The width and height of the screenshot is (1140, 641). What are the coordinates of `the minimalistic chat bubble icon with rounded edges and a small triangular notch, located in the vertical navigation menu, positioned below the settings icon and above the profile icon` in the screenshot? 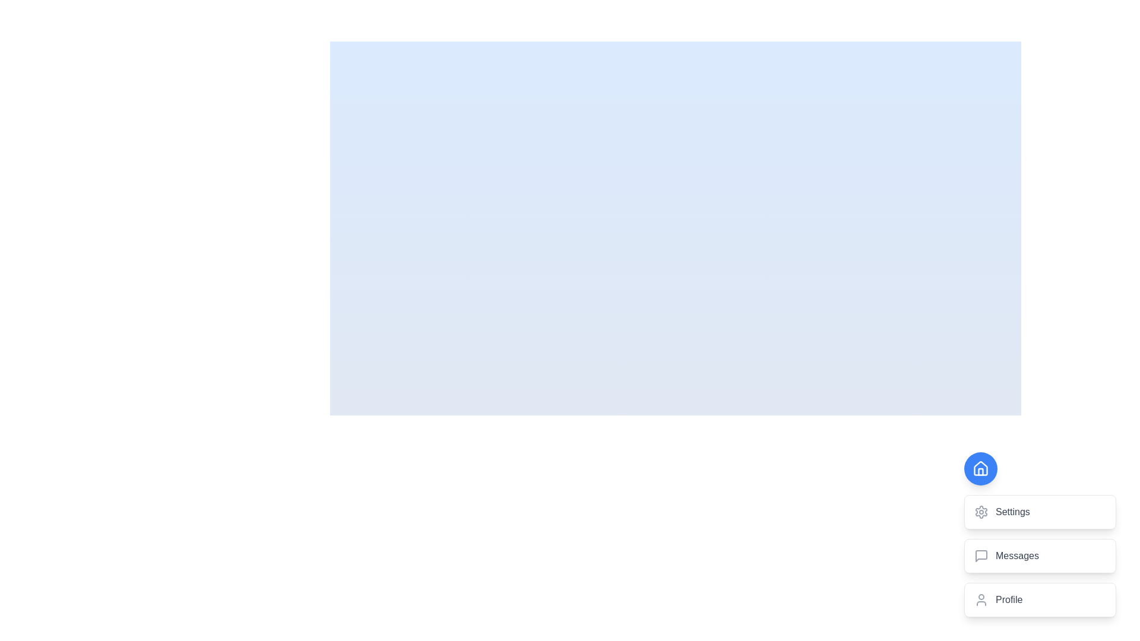 It's located at (981, 556).